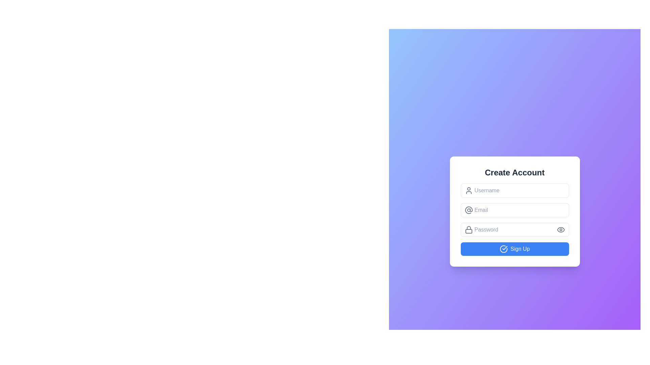  What do you see at coordinates (515, 211) in the screenshot?
I see `the email input field, which is the second in a form layout, to focus on it` at bounding box center [515, 211].